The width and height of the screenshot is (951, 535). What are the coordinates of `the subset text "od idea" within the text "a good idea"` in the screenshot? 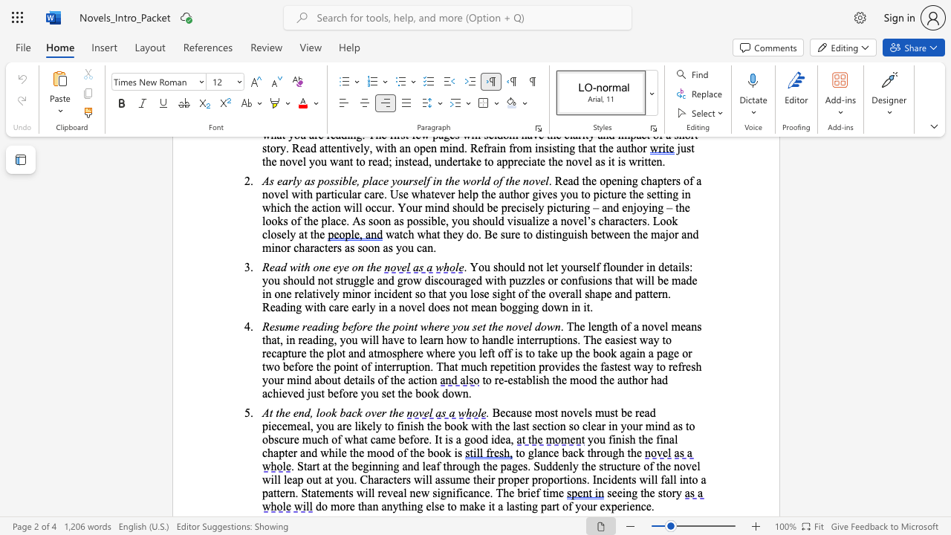 It's located at (475, 438).